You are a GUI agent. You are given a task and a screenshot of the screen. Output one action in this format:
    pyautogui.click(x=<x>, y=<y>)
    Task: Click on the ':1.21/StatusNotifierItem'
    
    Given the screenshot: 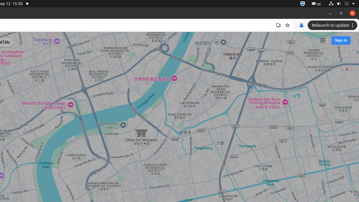 What is the action you would take?
    pyautogui.click(x=316, y=4)
    